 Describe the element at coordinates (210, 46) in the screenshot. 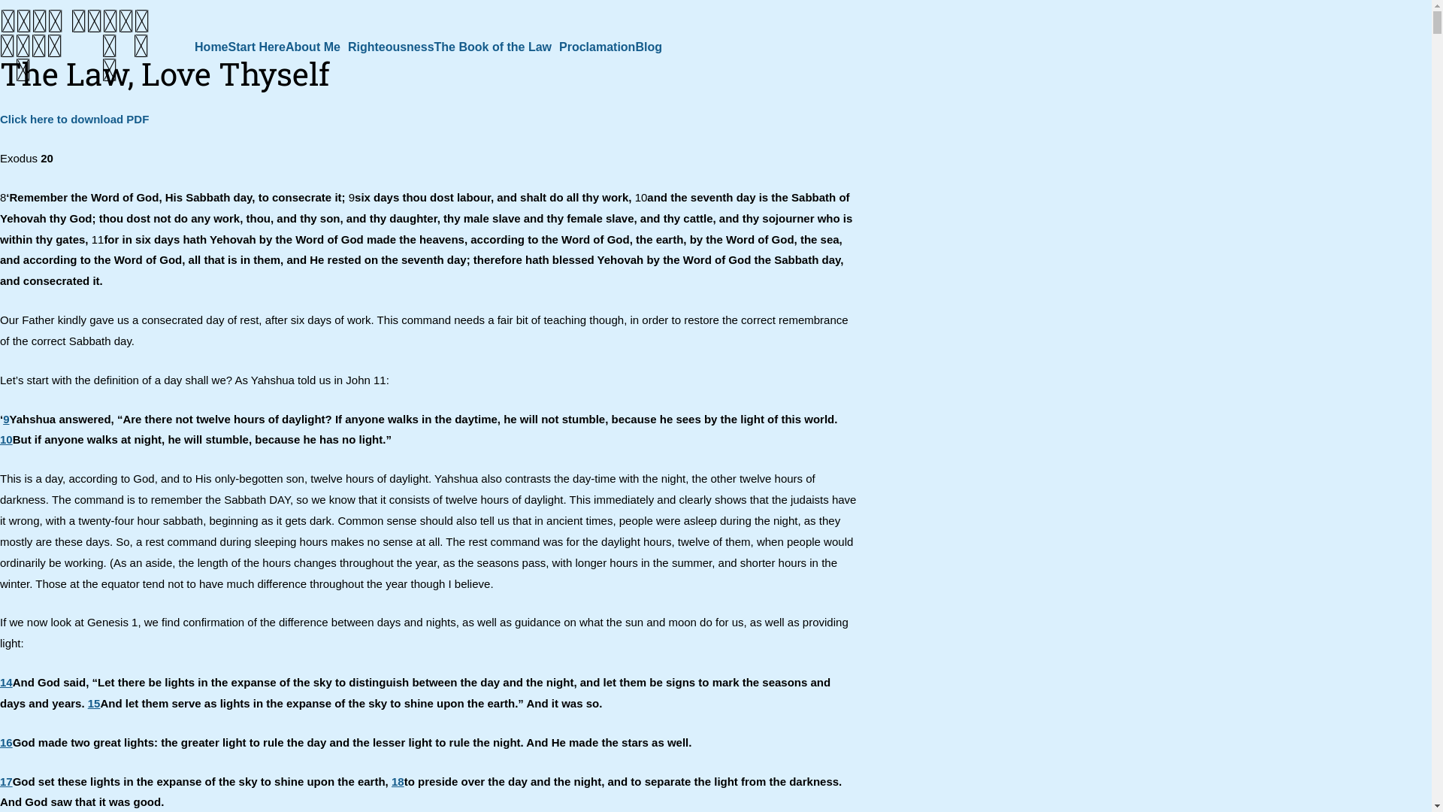

I see `'Home'` at that location.